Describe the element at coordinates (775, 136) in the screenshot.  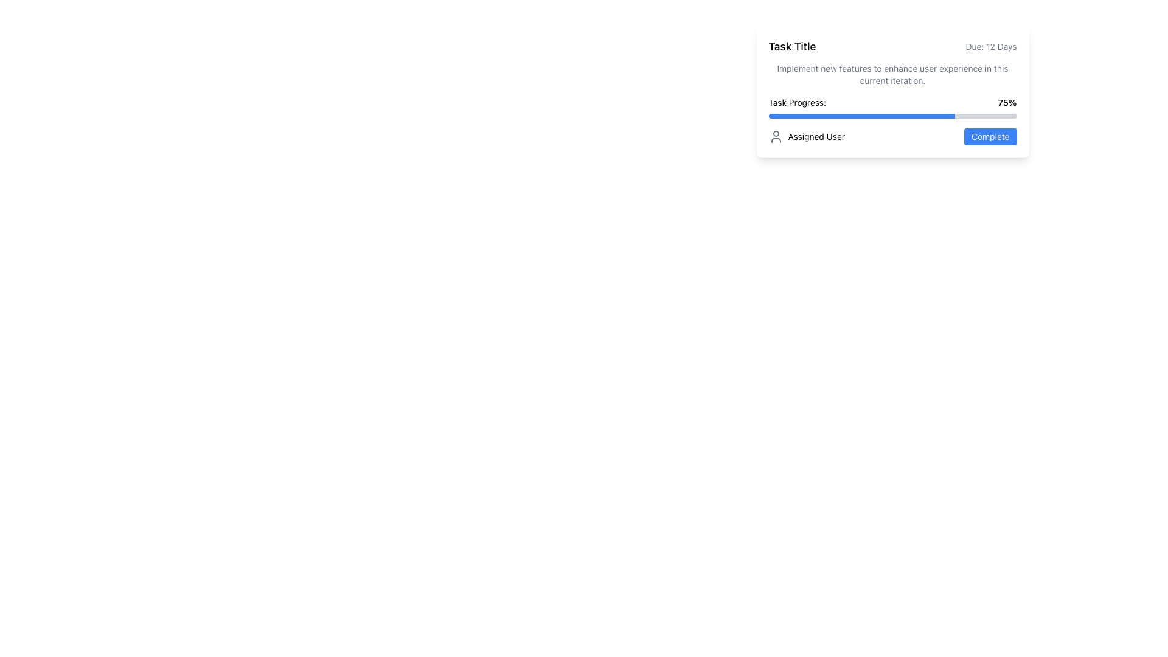
I see `the user avatar icon, which is a gray circular icon with a line-based design, located to the left of the 'Assigned User' text` at that location.